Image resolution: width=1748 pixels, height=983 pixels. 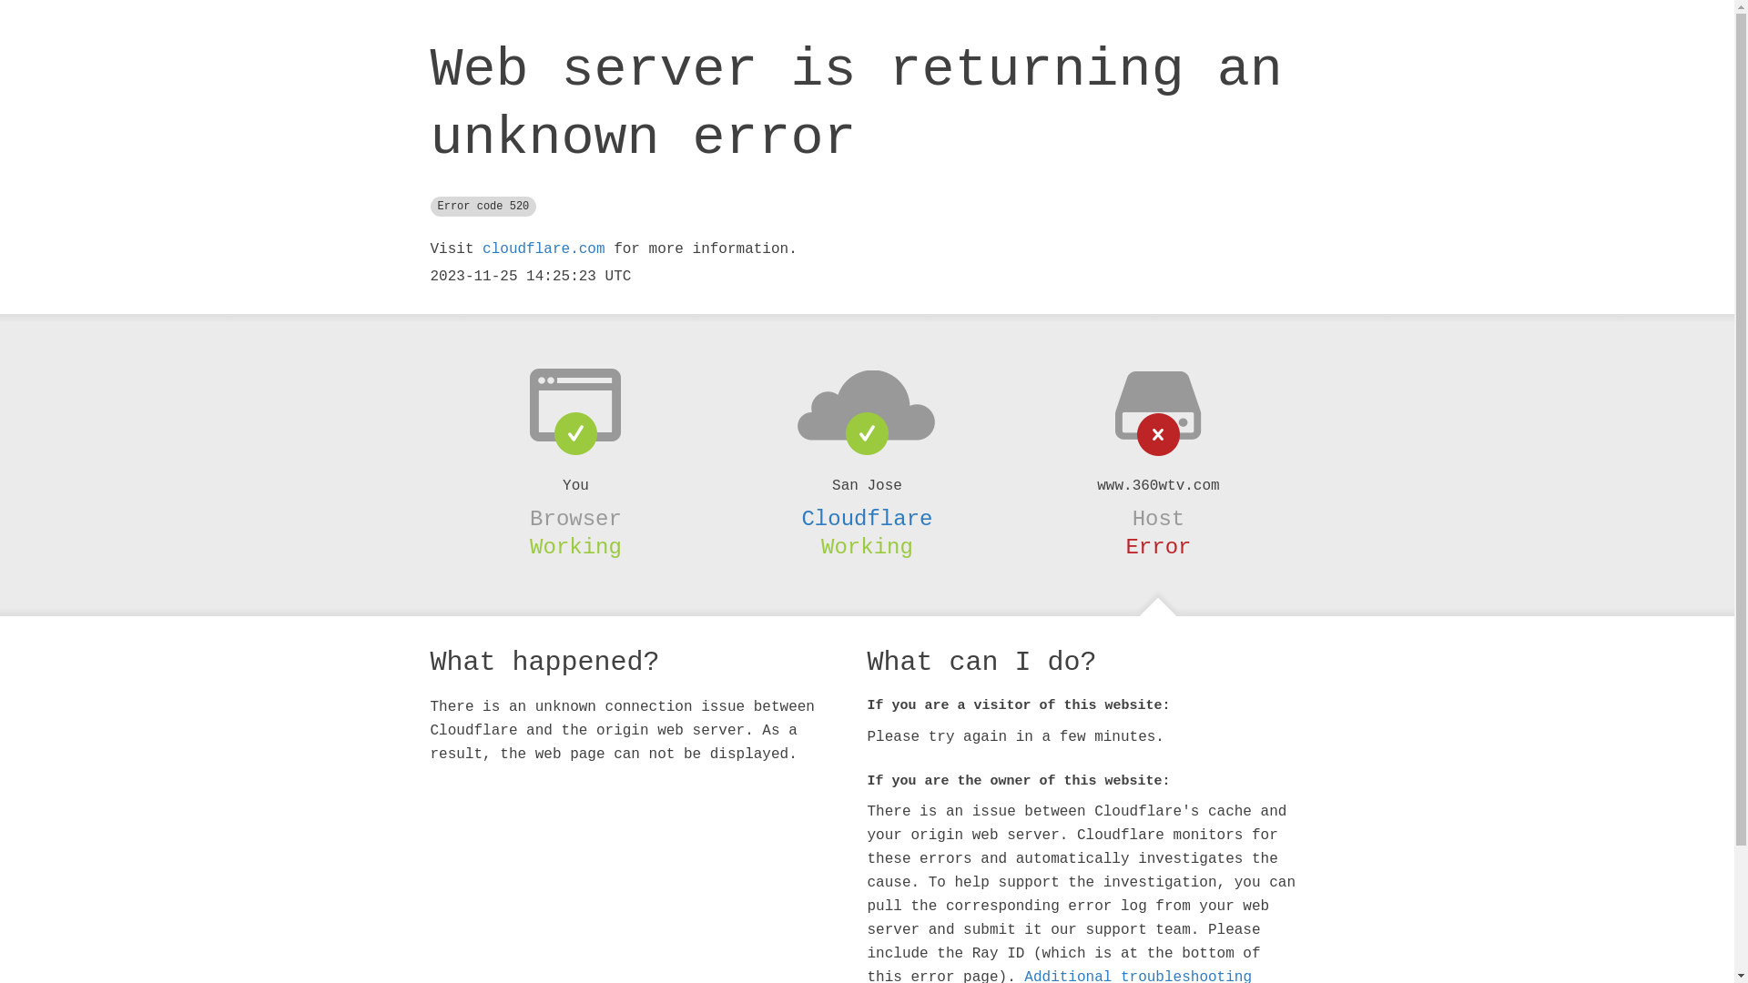 What do you see at coordinates (865, 519) in the screenshot?
I see `'Cloudflare'` at bounding box center [865, 519].